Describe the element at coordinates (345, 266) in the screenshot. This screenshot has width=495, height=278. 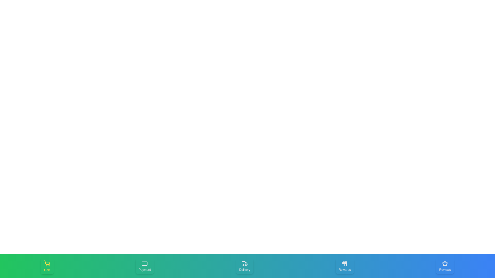
I see `the Rewards navigation tab` at that location.